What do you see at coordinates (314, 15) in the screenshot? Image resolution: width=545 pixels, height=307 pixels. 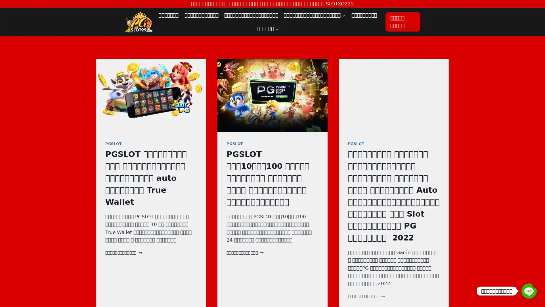 I see `Expand child menu` at bounding box center [314, 15].